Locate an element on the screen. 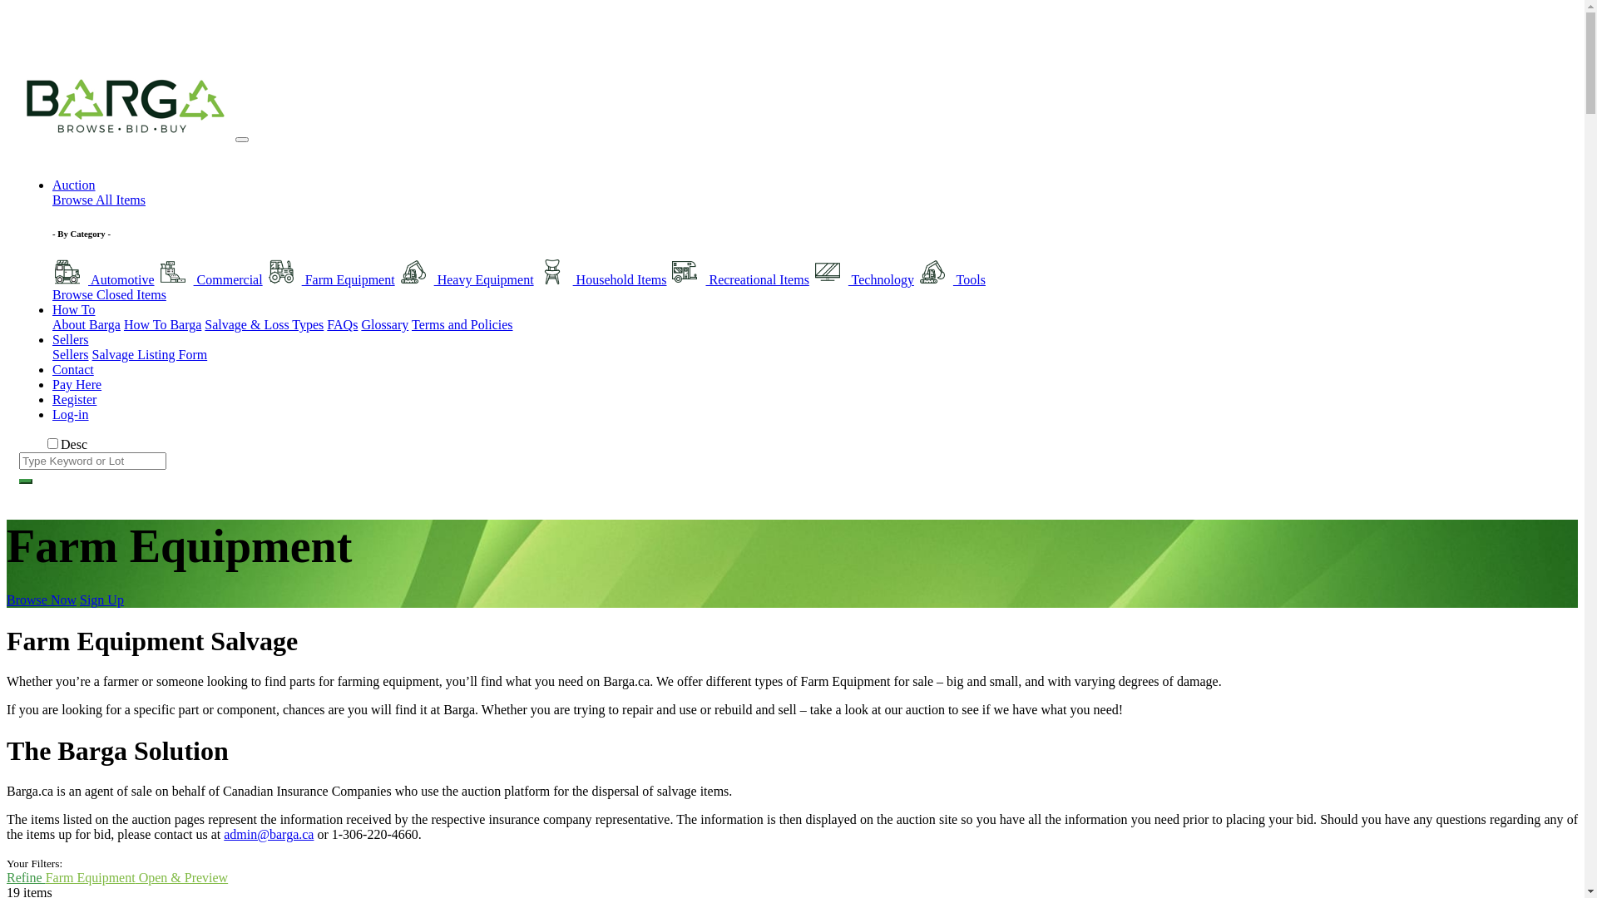  'Terms and Policies' is located at coordinates (462, 324).